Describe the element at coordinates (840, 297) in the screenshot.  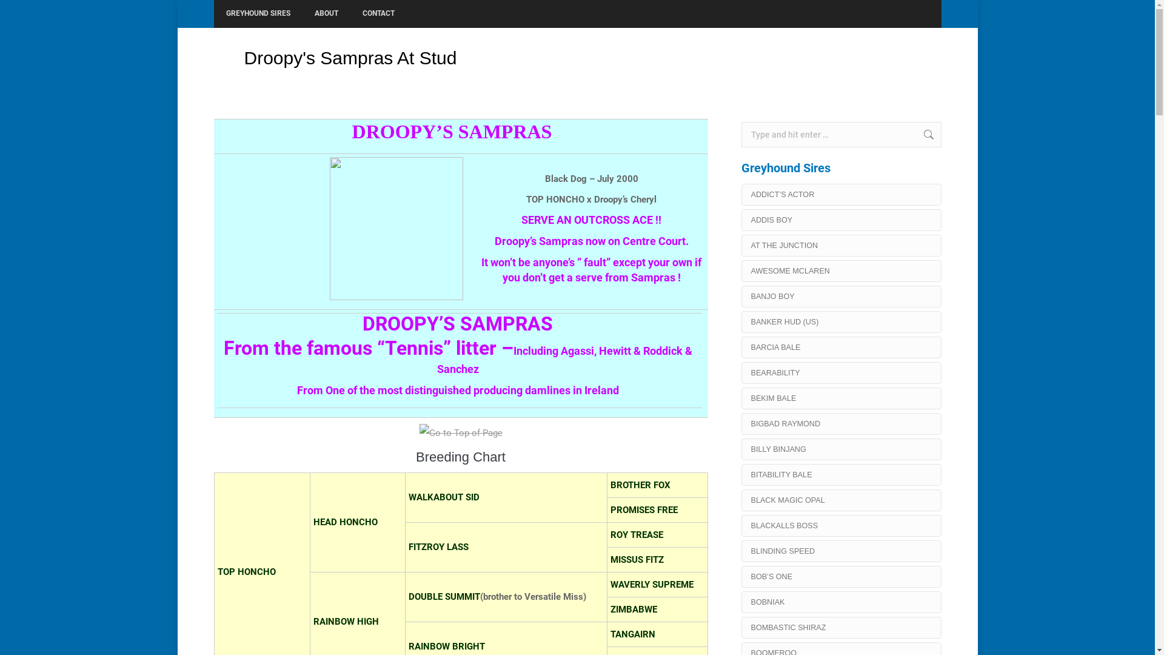
I see `'BANJO BOY'` at that location.